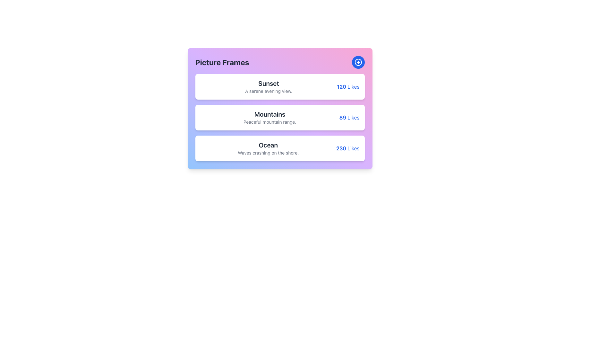 The image size is (616, 347). What do you see at coordinates (269, 83) in the screenshot?
I see `text displayed in the Text Label positioned above the subtitle 'A serene evening view' in the 'Picture Frames' box` at bounding box center [269, 83].